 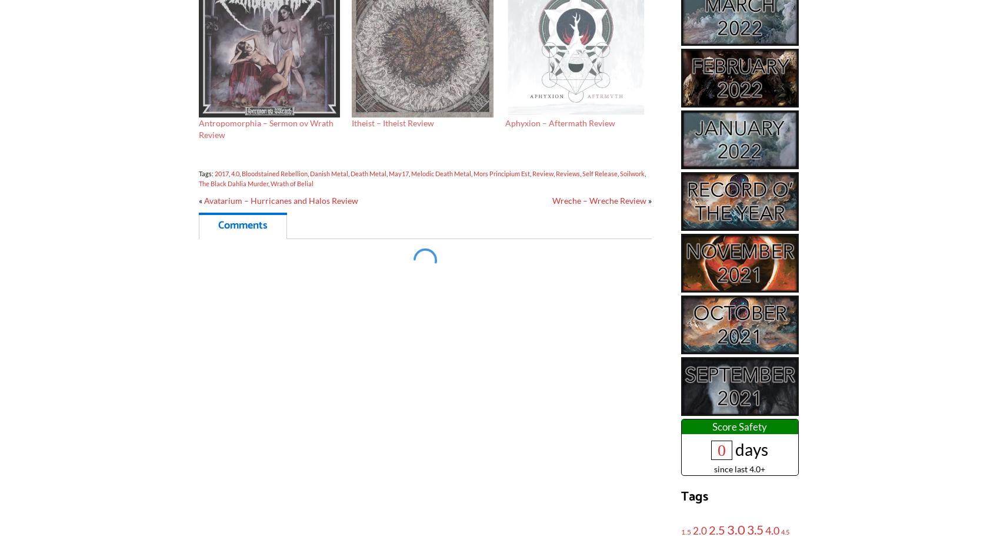 I want to click on 'Wreche – Wreche Review', so click(x=598, y=200).